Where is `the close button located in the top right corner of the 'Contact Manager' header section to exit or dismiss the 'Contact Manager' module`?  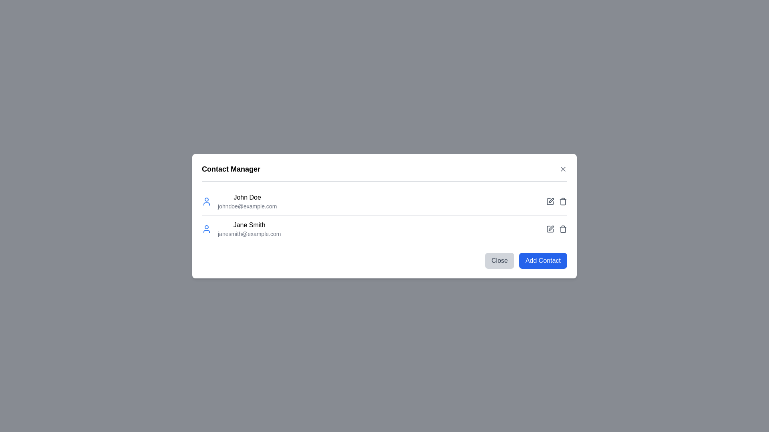
the close button located in the top right corner of the 'Contact Manager' header section to exit or dismiss the 'Contact Manager' module is located at coordinates (563, 168).